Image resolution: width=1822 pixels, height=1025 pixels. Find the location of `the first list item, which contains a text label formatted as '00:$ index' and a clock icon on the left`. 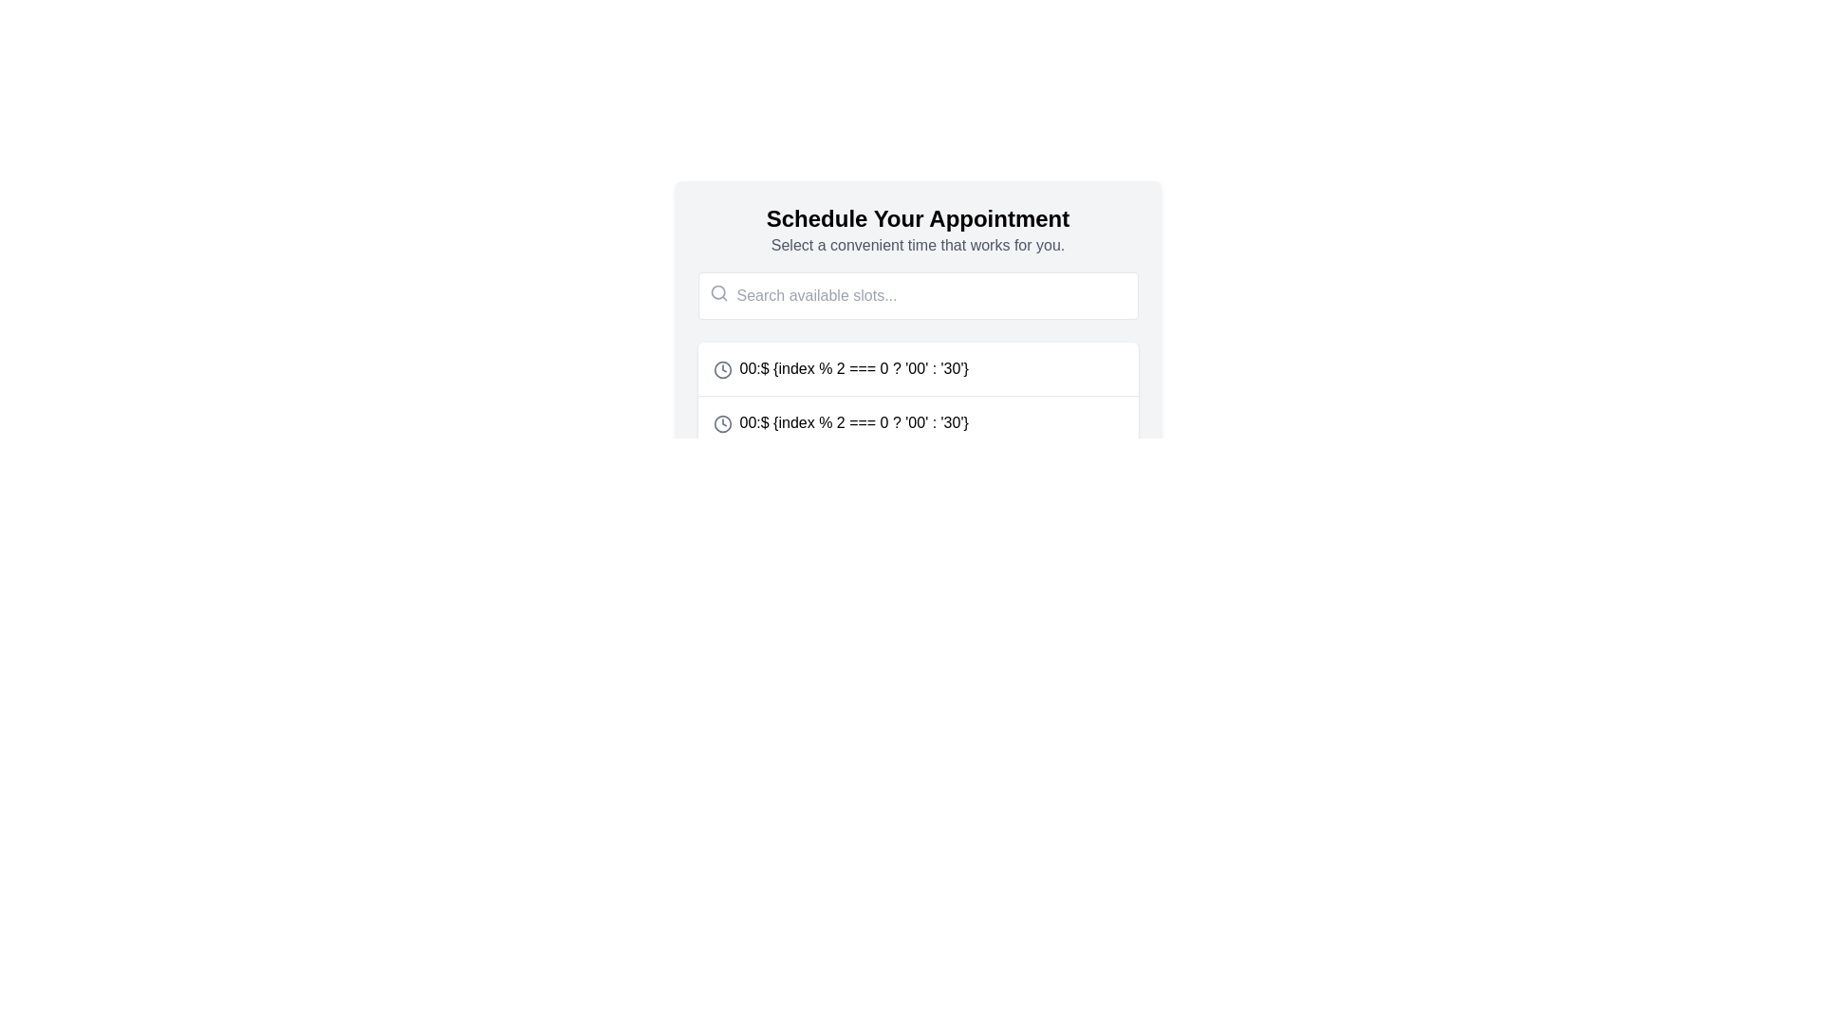

the first list item, which contains a text label formatted as '00:$ index' and a clock icon on the left is located at coordinates (918, 369).